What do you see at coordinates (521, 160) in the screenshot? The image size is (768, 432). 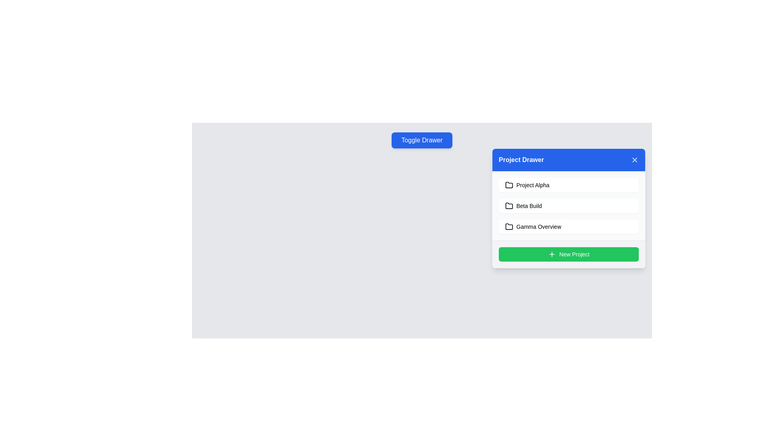 I see `the 'Project Drawer' text label, which is styled in bold white font against a blue background at the top of a floating panel` at bounding box center [521, 160].